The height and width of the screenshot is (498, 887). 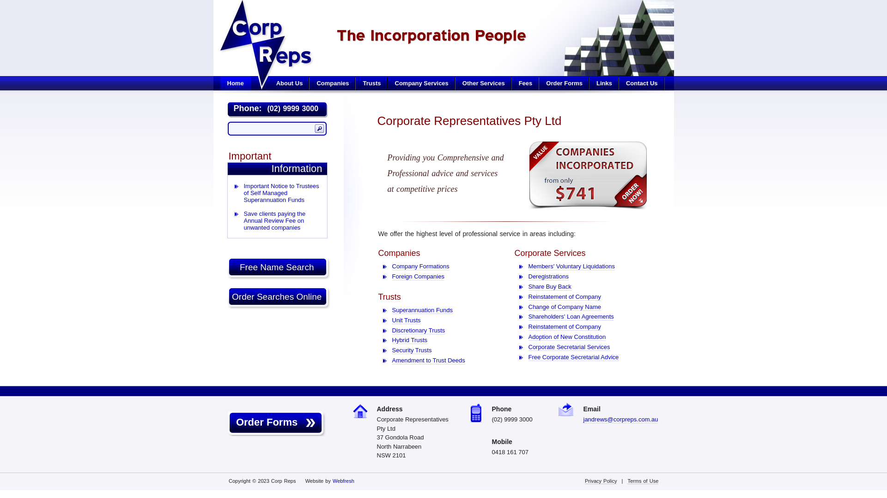 What do you see at coordinates (565, 307) in the screenshot?
I see `'Change of Company Name'` at bounding box center [565, 307].